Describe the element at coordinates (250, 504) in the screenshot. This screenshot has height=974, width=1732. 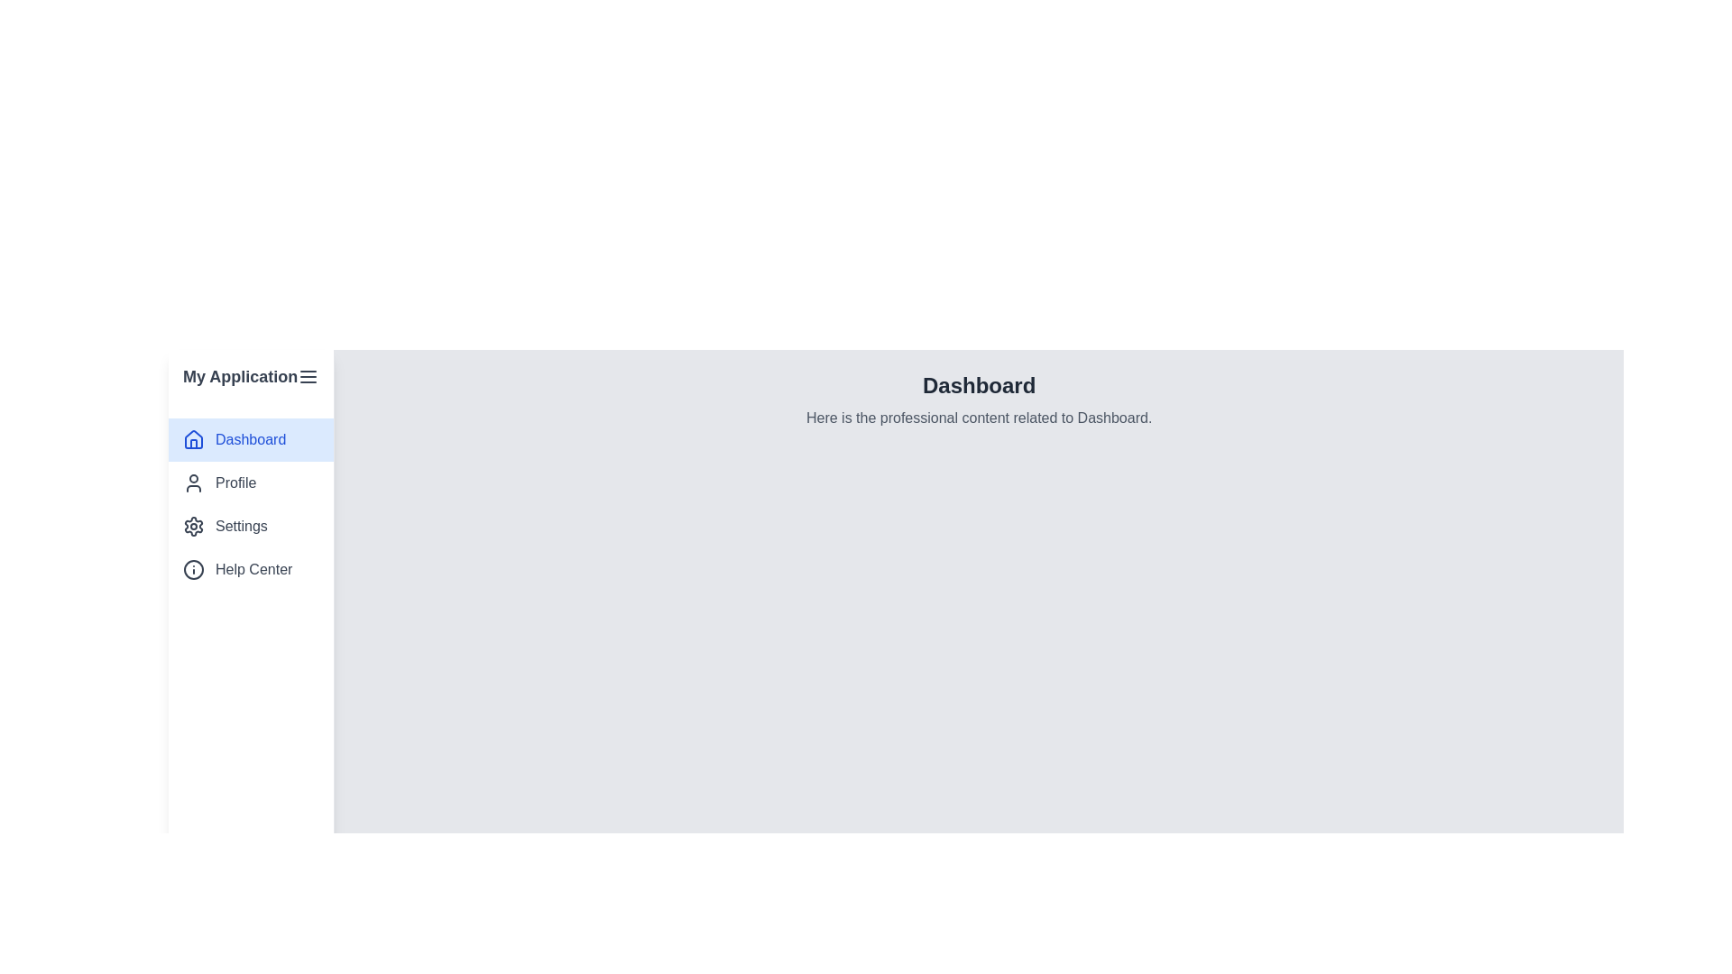
I see `the vertical navigation bar menu item labeled 'Profile' to potentially reveal additional information or tooltips` at that location.